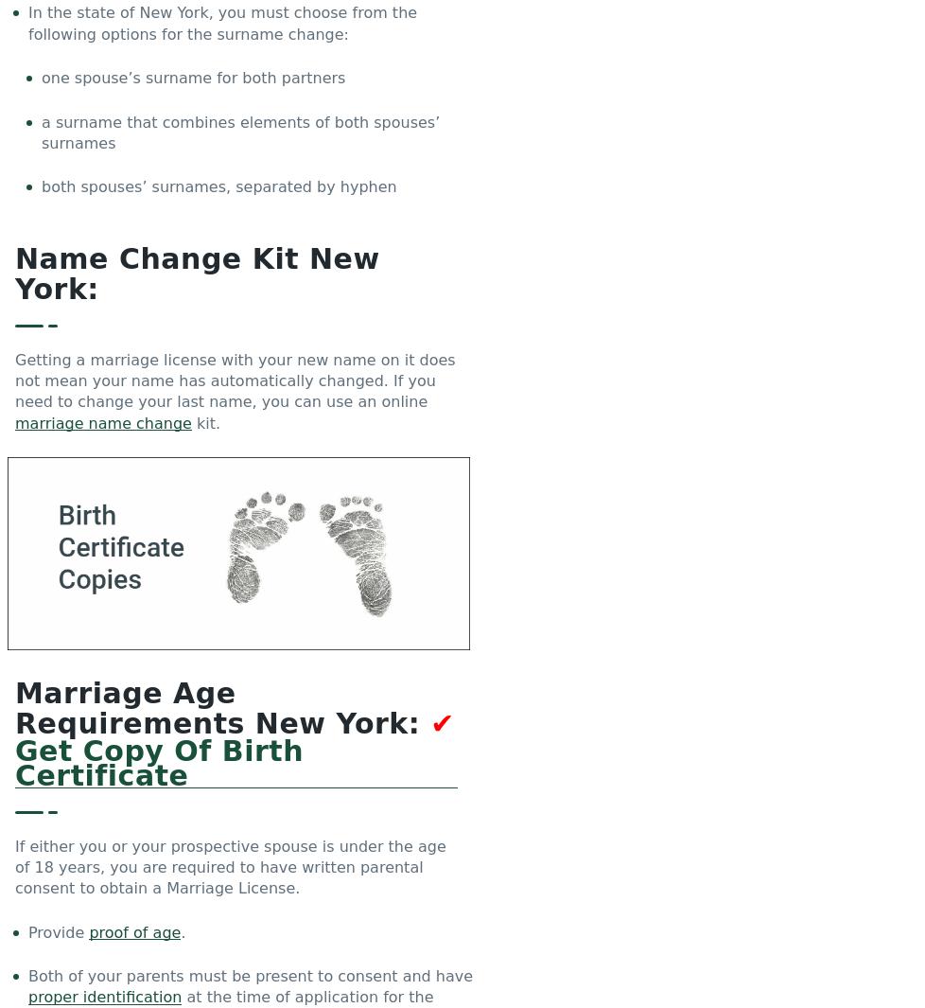 The height and width of the screenshot is (1008, 925). I want to click on 'one spouse’s surname for both partners', so click(193, 77).